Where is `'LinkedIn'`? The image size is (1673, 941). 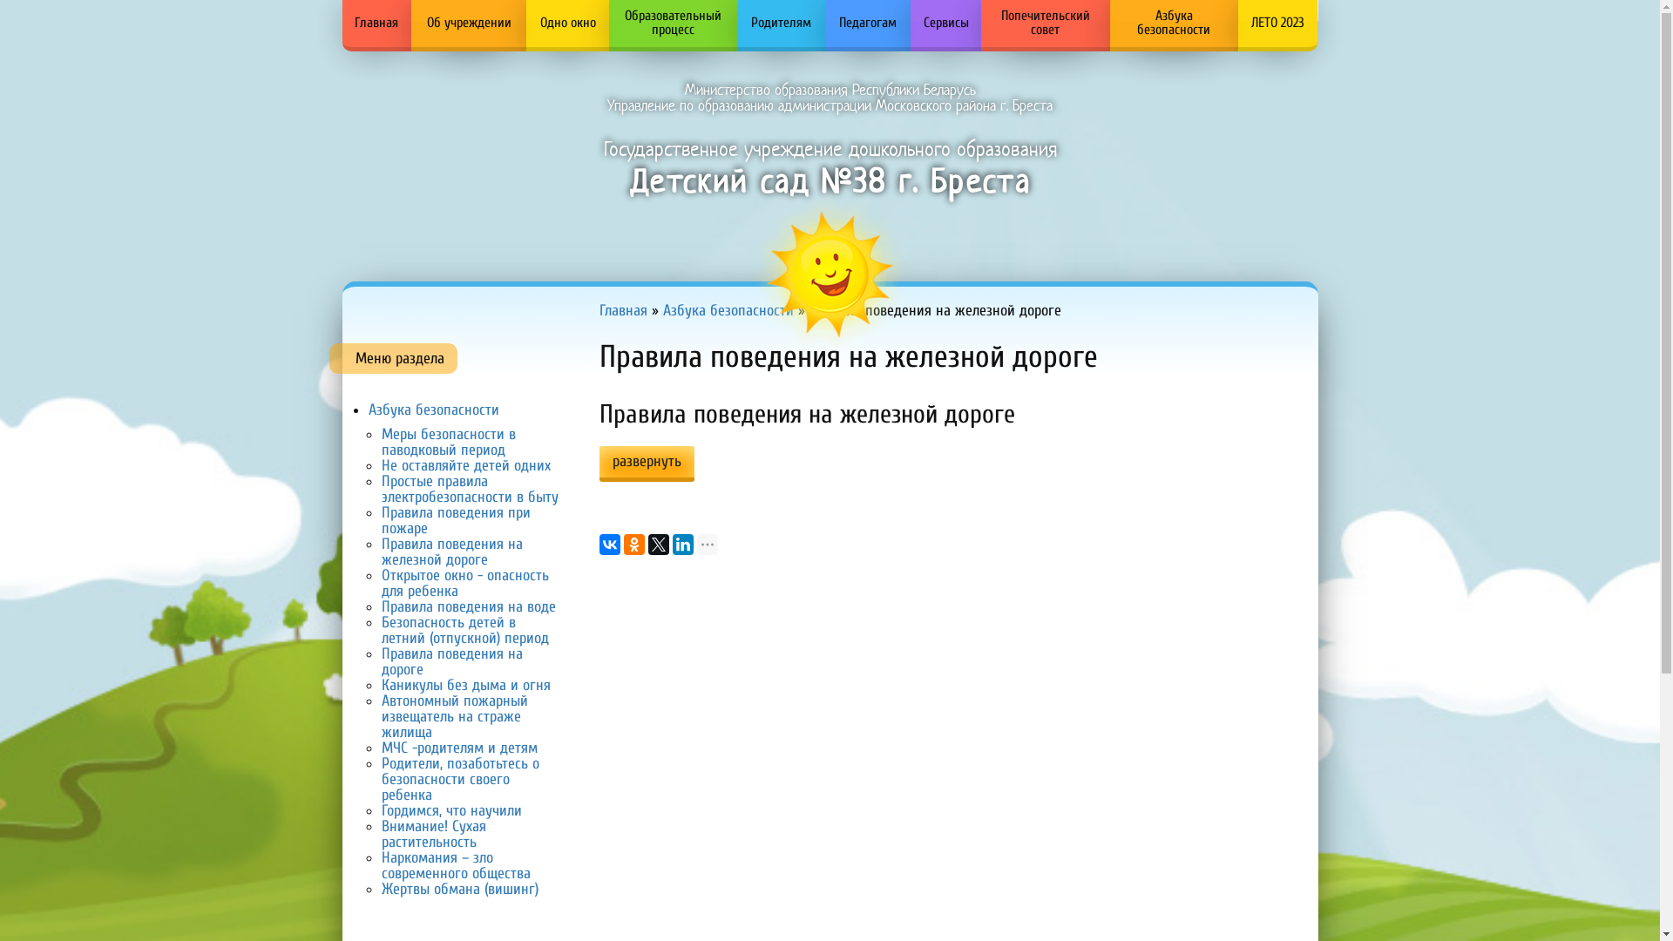 'LinkedIn' is located at coordinates (681, 543).